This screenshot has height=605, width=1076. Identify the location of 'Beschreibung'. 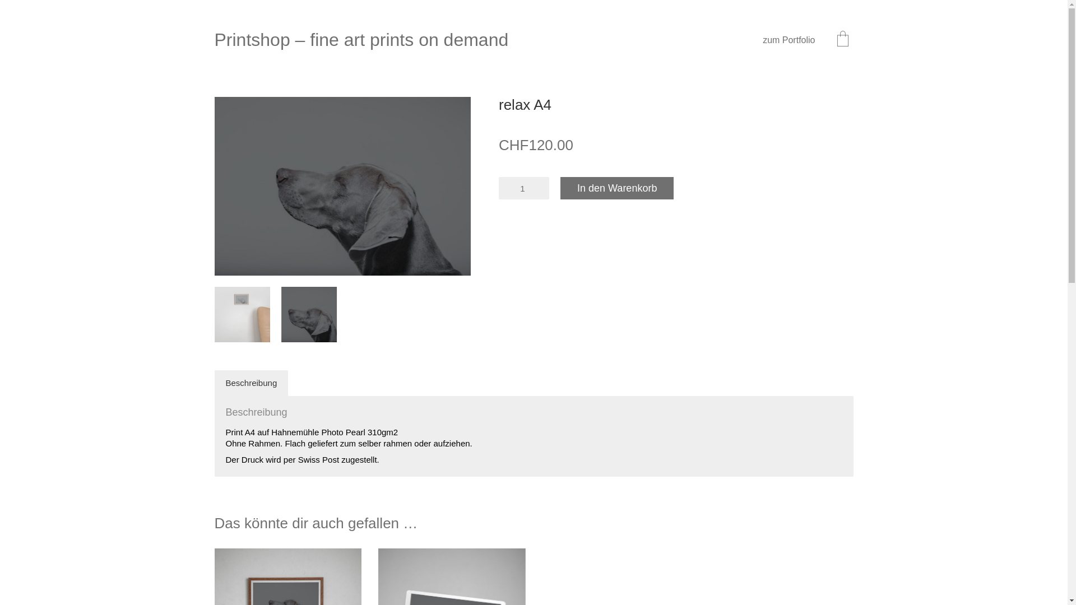
(250, 382).